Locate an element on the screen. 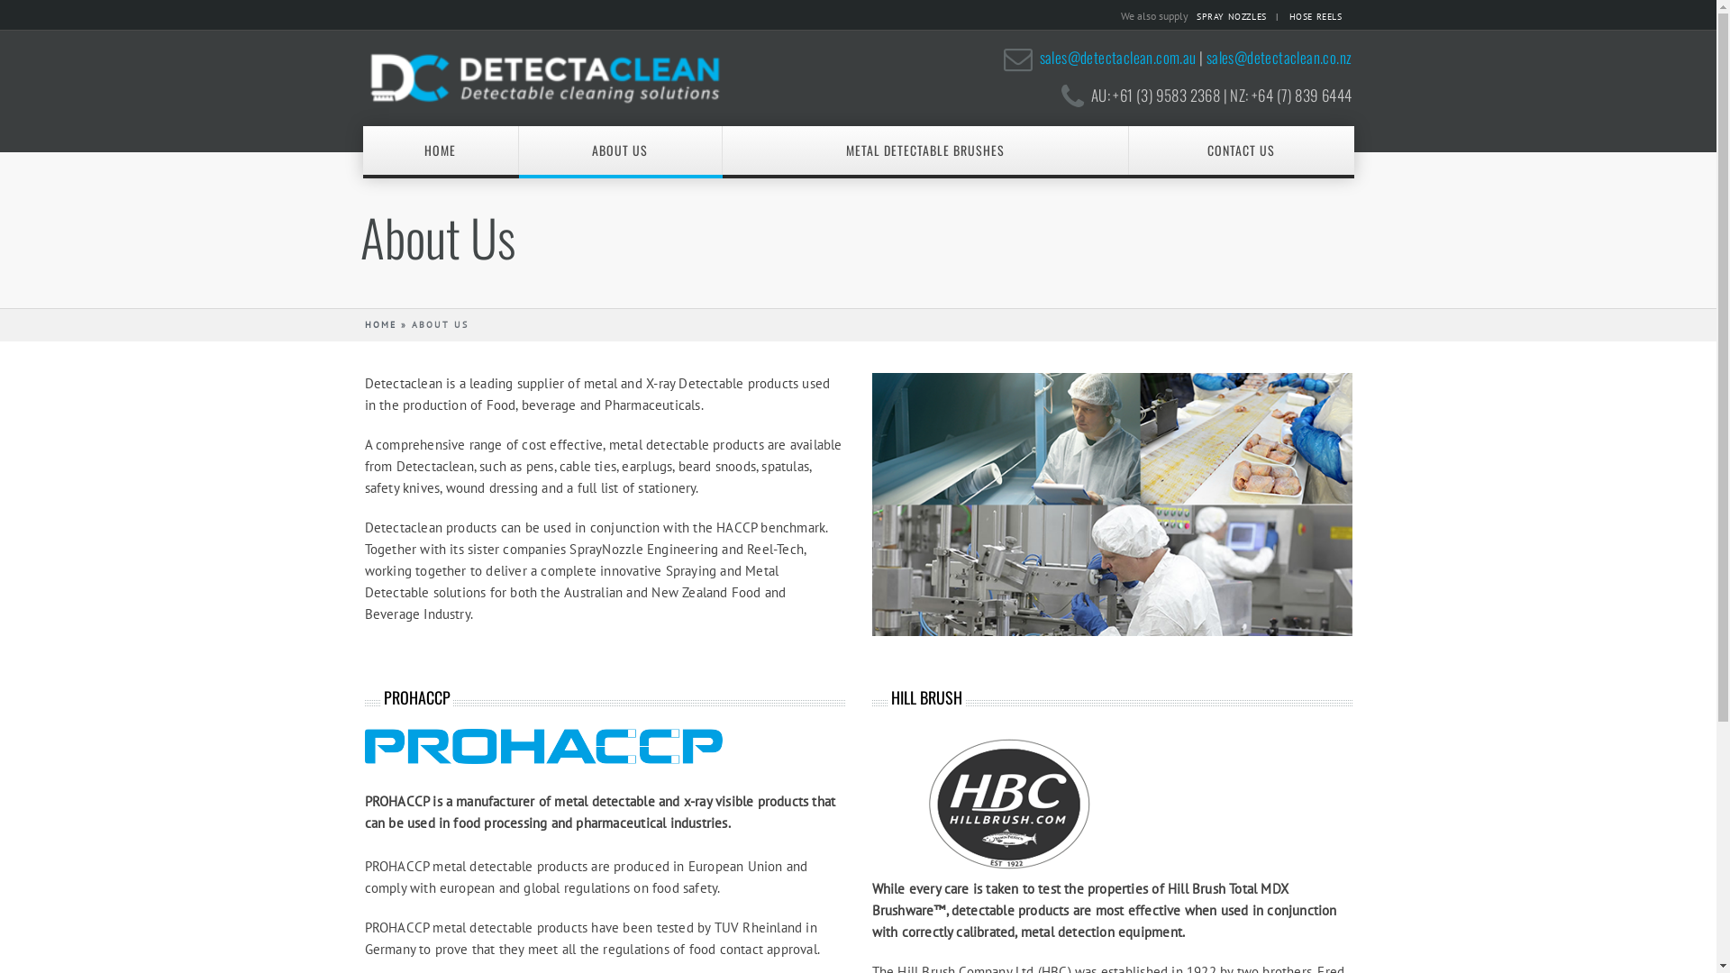  'COLLAGE' is located at coordinates (1111, 504).